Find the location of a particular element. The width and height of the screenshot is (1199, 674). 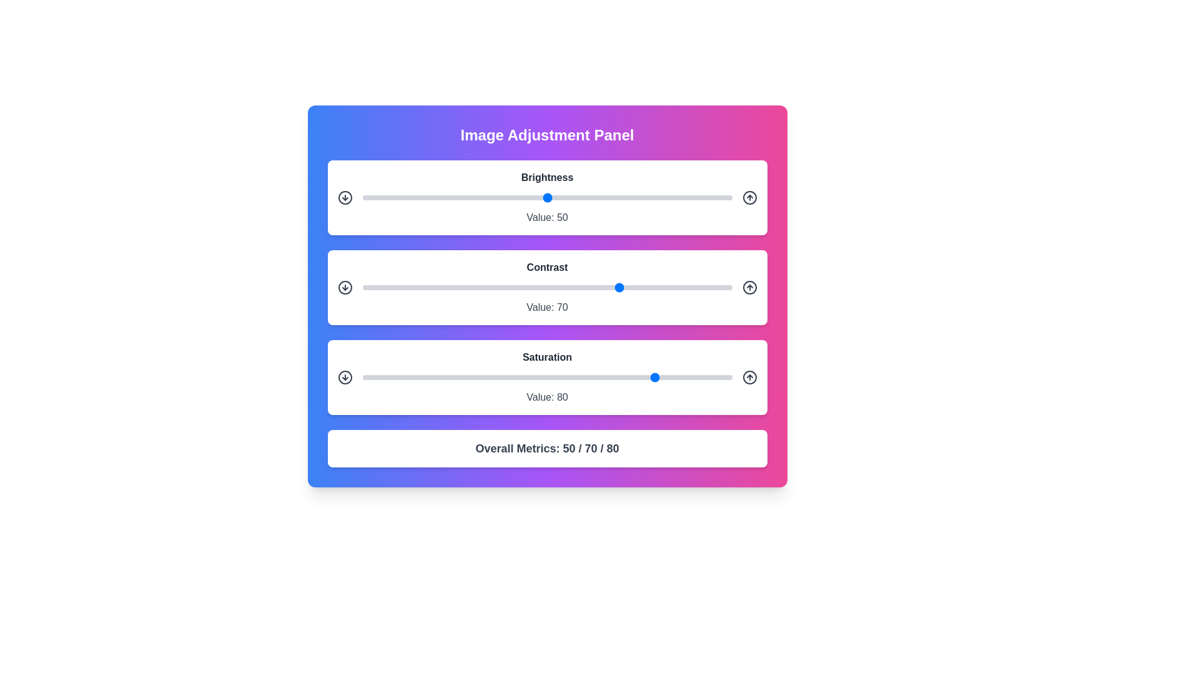

saturation is located at coordinates (617, 377).